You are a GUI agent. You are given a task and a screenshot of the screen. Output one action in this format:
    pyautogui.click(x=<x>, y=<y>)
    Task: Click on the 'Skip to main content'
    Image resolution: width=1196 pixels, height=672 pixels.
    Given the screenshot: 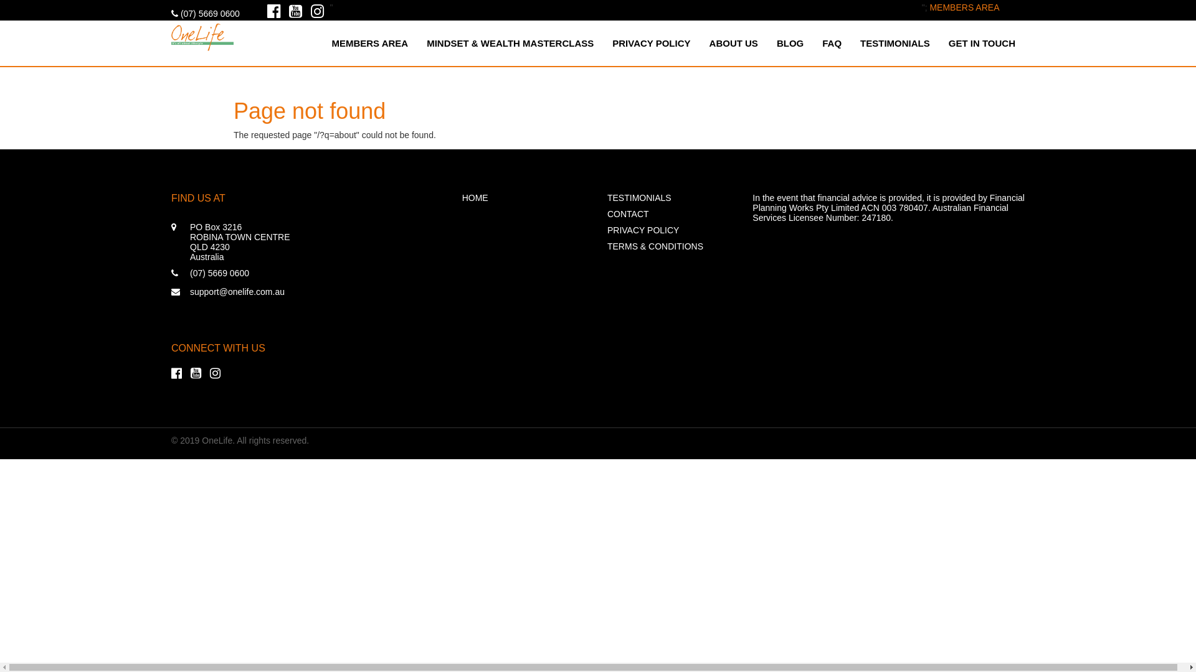 What is the action you would take?
    pyautogui.click(x=39, y=0)
    